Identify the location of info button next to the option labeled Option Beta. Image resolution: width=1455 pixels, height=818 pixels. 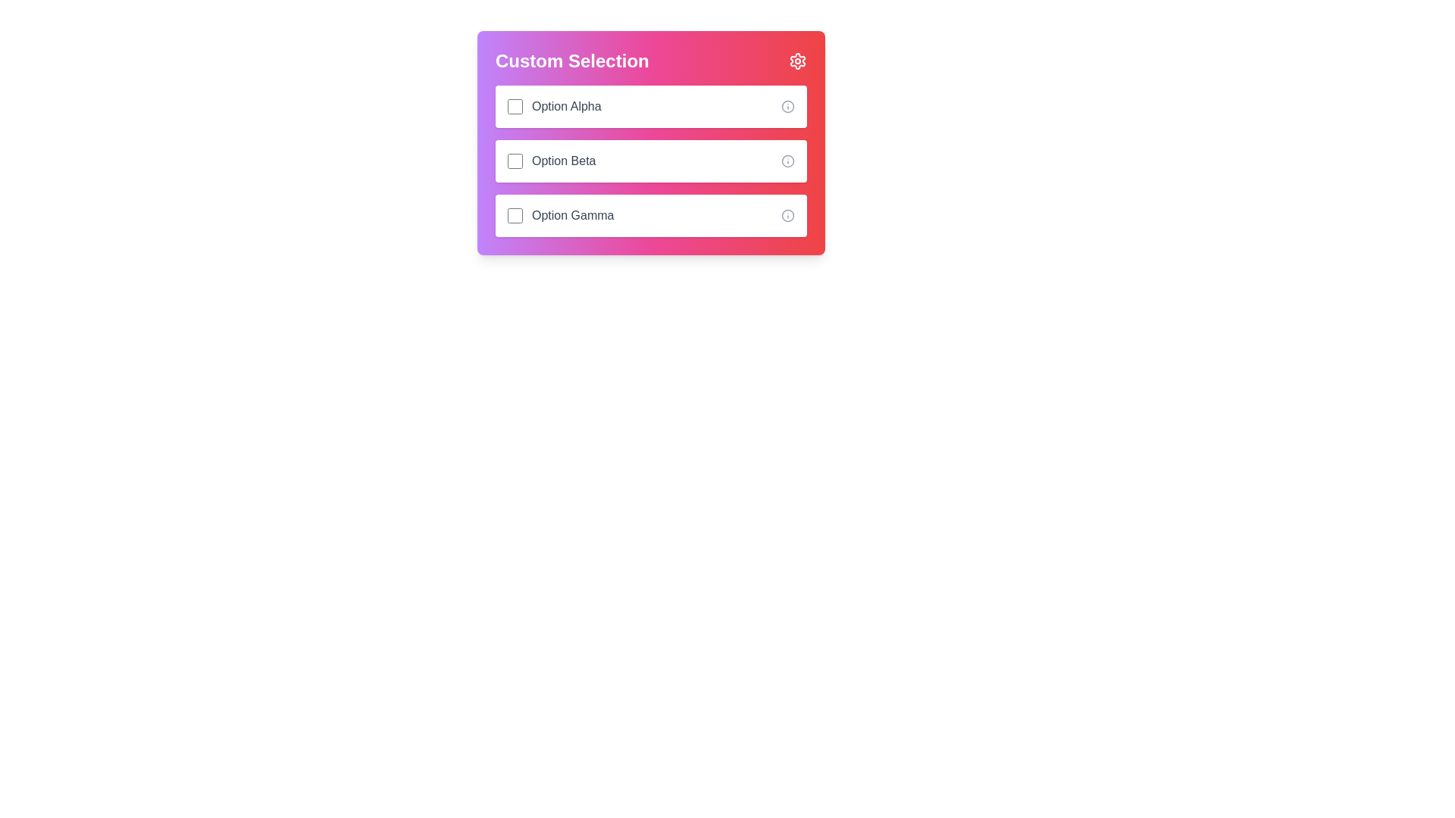
(788, 161).